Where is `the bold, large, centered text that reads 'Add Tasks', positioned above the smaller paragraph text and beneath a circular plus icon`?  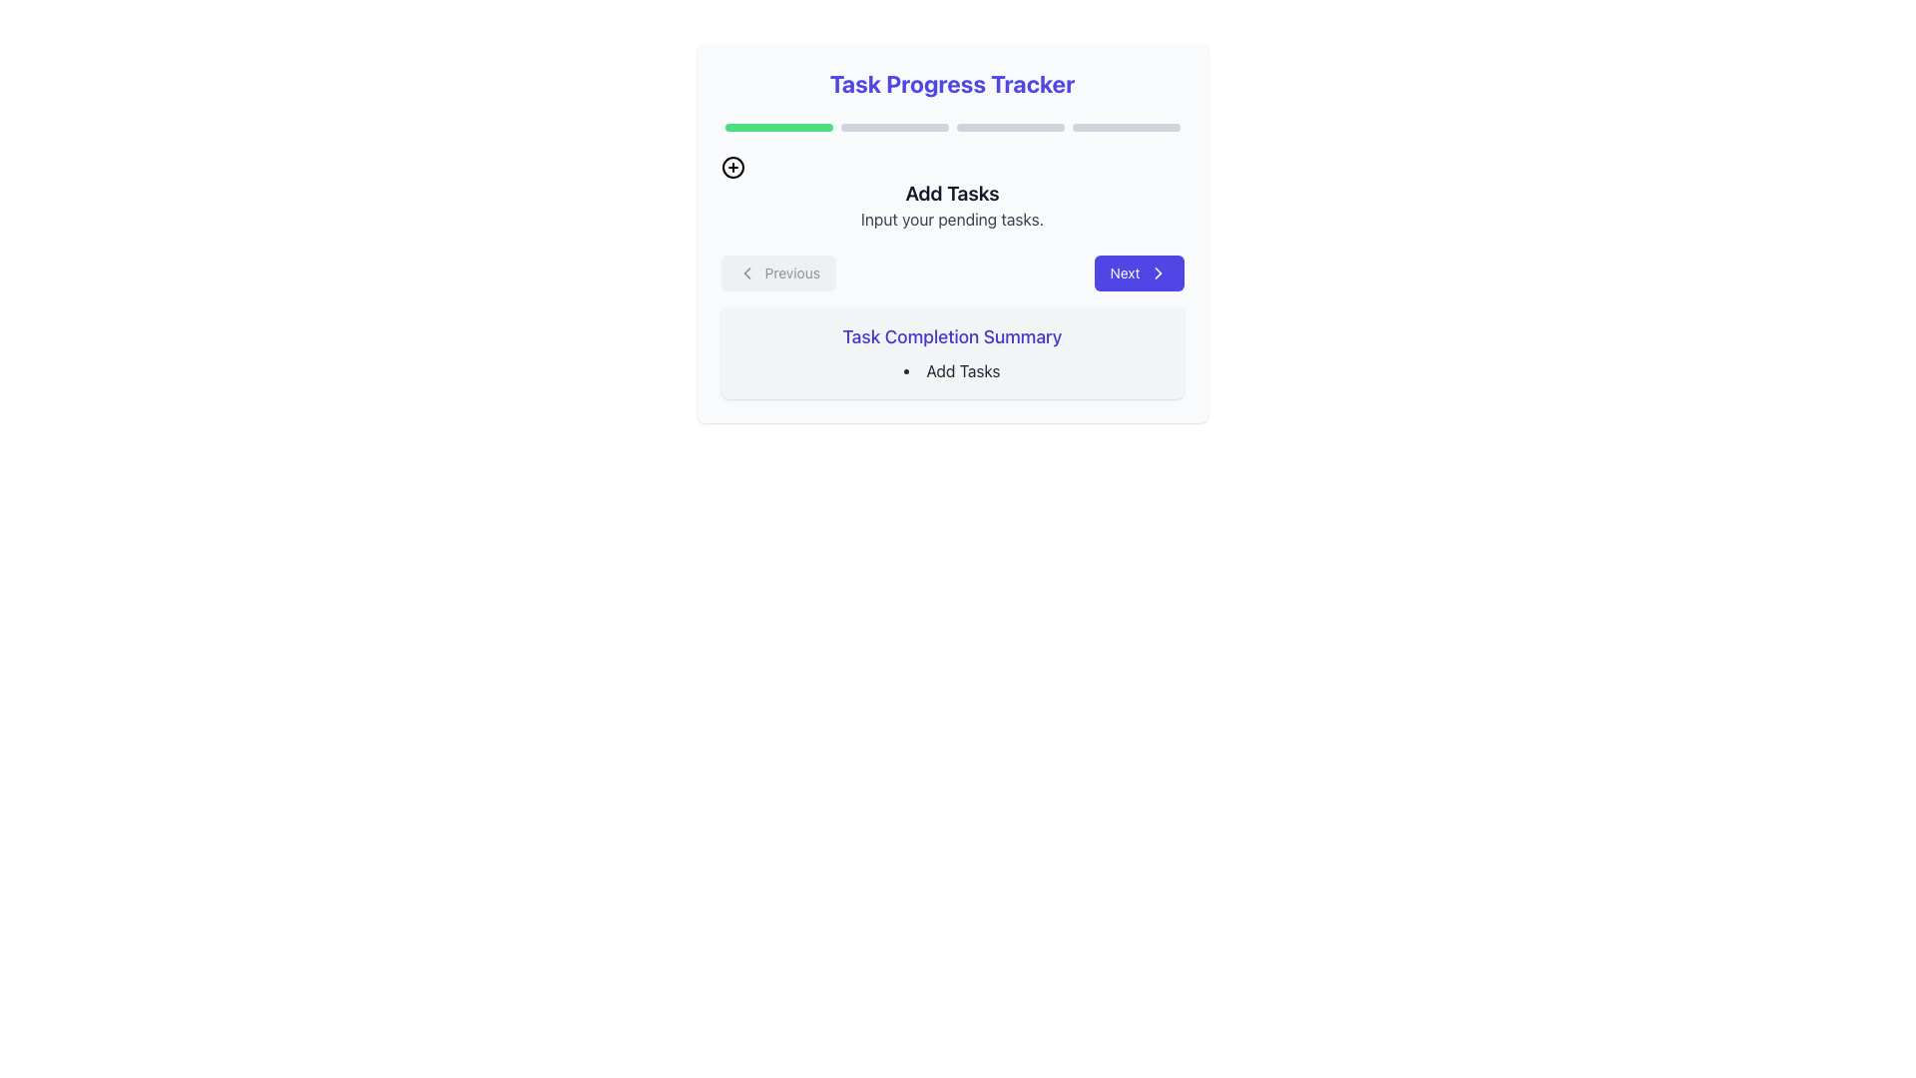
the bold, large, centered text that reads 'Add Tasks', positioned above the smaller paragraph text and beneath a circular plus icon is located at coordinates (951, 193).